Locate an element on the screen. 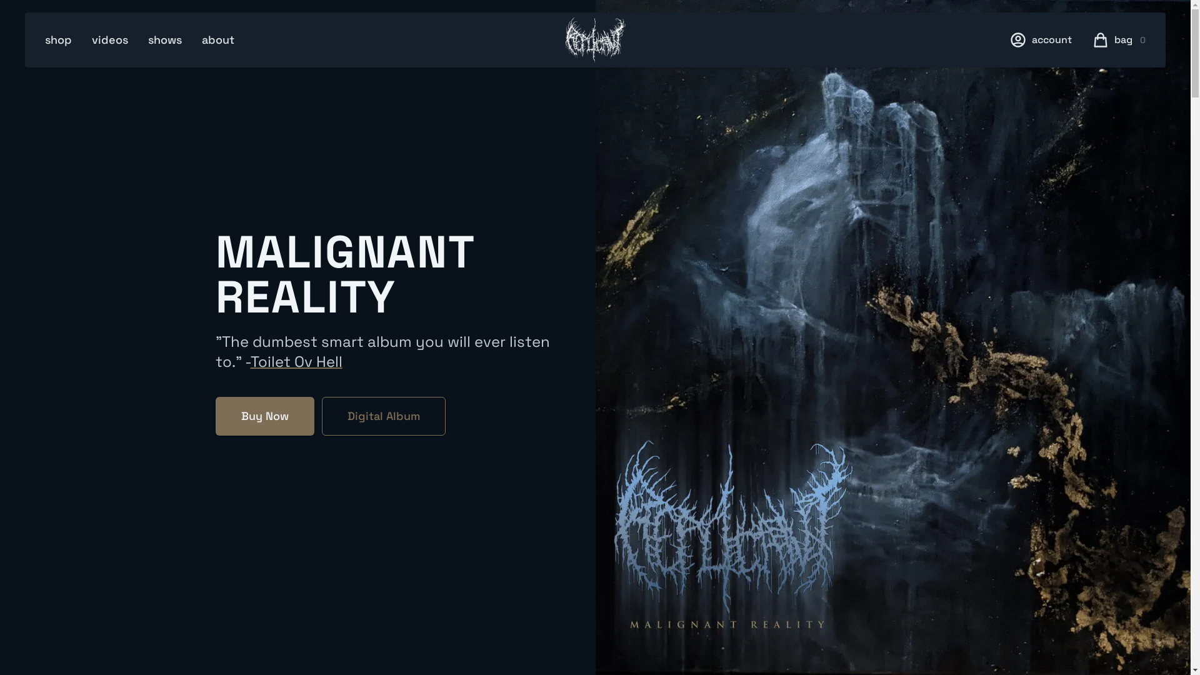  'Digital Album' is located at coordinates (382, 416).